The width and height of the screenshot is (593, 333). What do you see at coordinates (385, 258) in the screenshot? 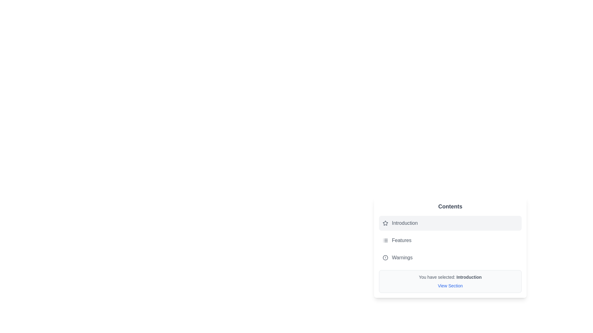
I see `the circular icon with a dot inside, located in the lower-right section of the interface under the 'Warnings' section` at bounding box center [385, 258].